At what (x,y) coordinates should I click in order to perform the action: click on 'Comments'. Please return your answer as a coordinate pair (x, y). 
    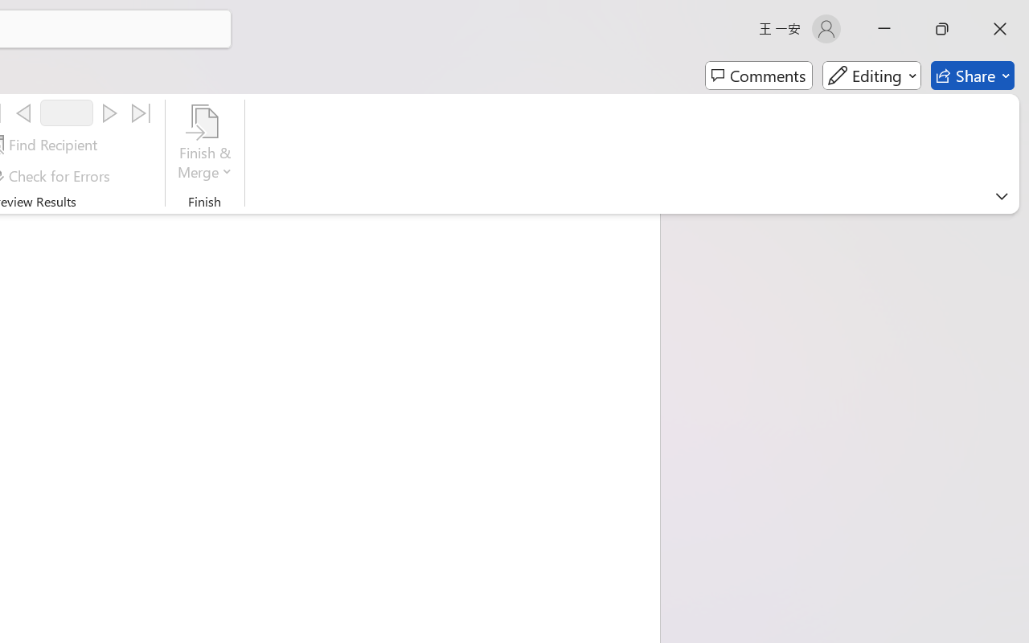
    Looking at the image, I should click on (758, 76).